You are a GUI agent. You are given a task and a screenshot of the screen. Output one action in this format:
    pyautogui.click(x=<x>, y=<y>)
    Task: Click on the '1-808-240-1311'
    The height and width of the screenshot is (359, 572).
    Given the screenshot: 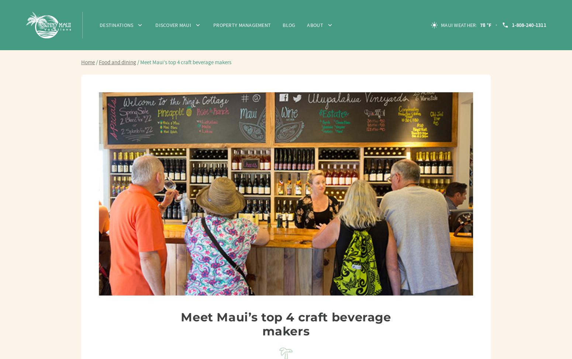 What is the action you would take?
    pyautogui.click(x=528, y=25)
    